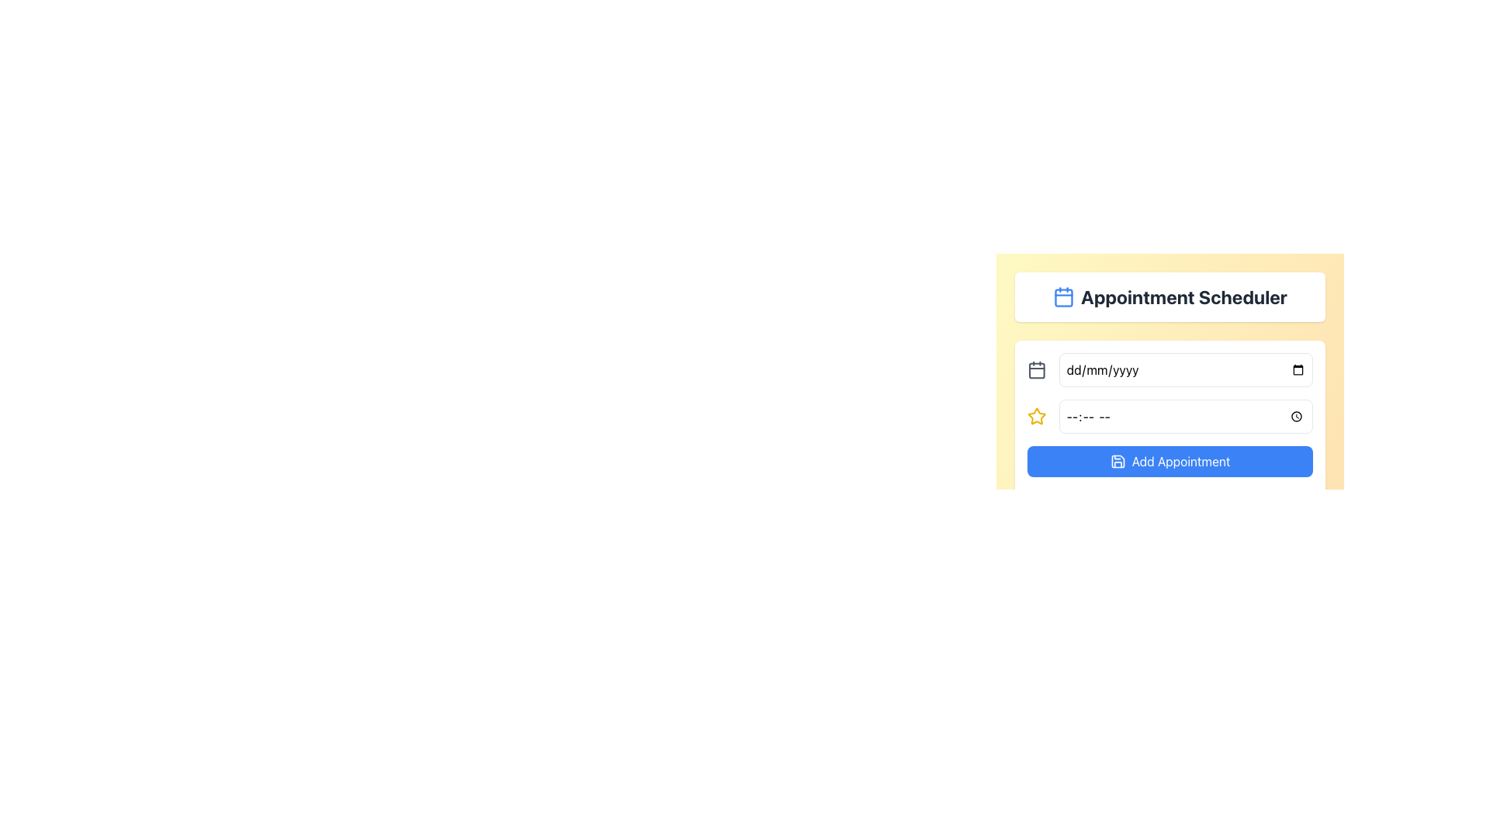 Image resolution: width=1490 pixels, height=838 pixels. Describe the element at coordinates (1063, 298) in the screenshot. I see `the Icon component of the calendar icon located in the Appointment Scheduler section, which is a square component with rounded corners` at that location.